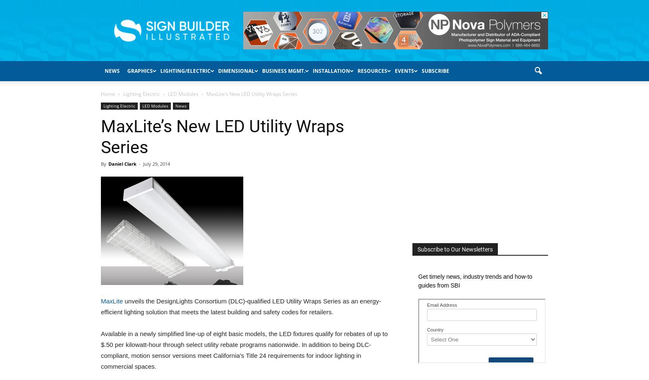 The height and width of the screenshot is (380, 649). Describe the element at coordinates (417, 249) in the screenshot. I see `'Subscribe to Our Newsletters'` at that location.